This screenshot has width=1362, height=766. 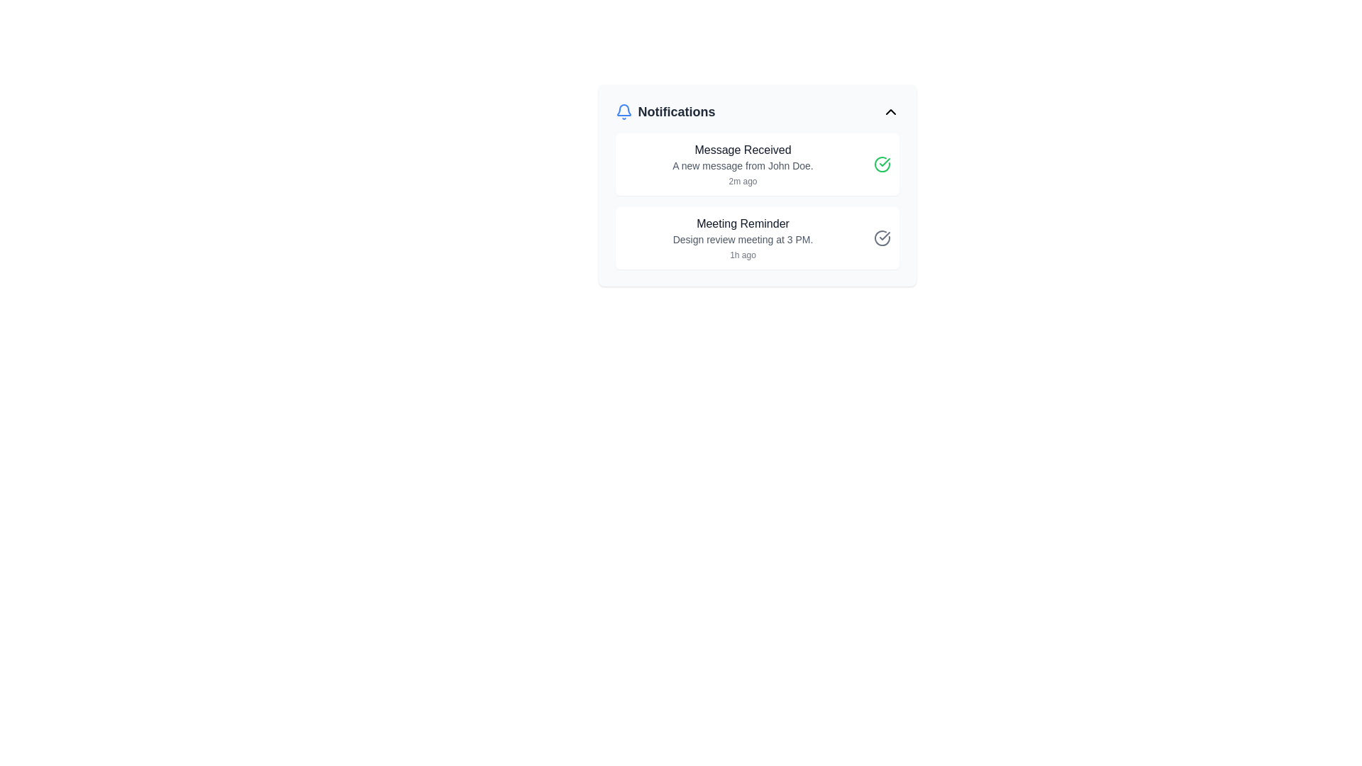 I want to click on the green check mark icon button located in the top notification block to mark the message from John Doe as read or acknowledged, so click(x=881, y=163).